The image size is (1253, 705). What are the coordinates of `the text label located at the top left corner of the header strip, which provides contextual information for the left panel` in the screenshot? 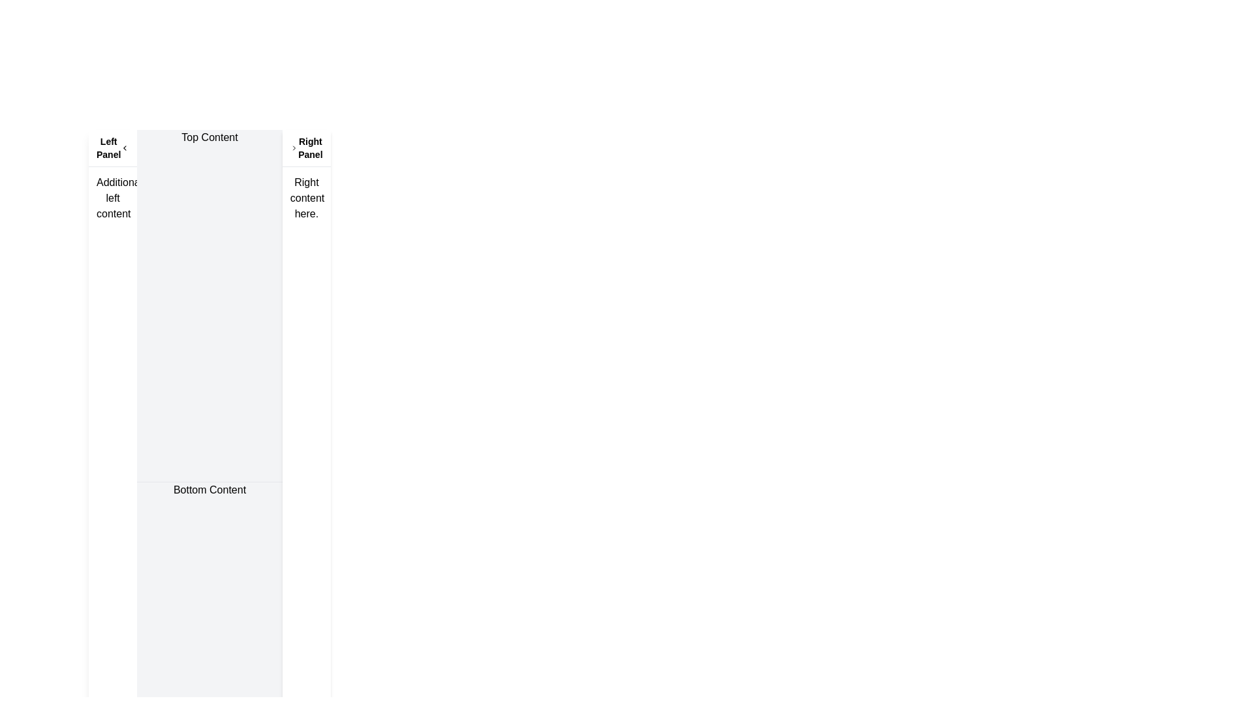 It's located at (108, 148).